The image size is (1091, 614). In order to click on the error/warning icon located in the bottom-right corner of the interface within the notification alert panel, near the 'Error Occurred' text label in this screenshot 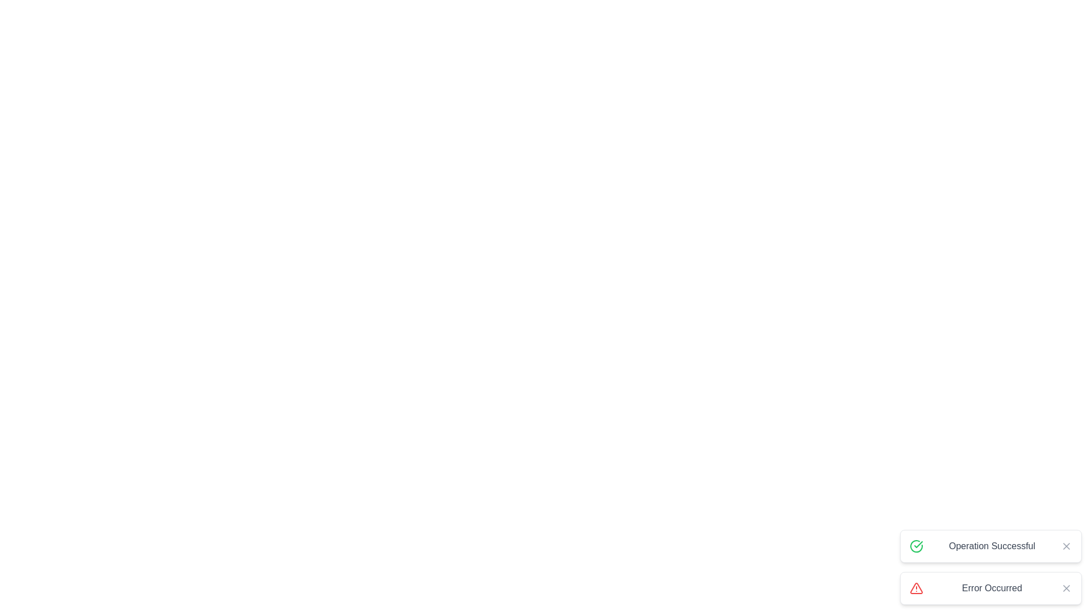, I will do `click(916, 588)`.